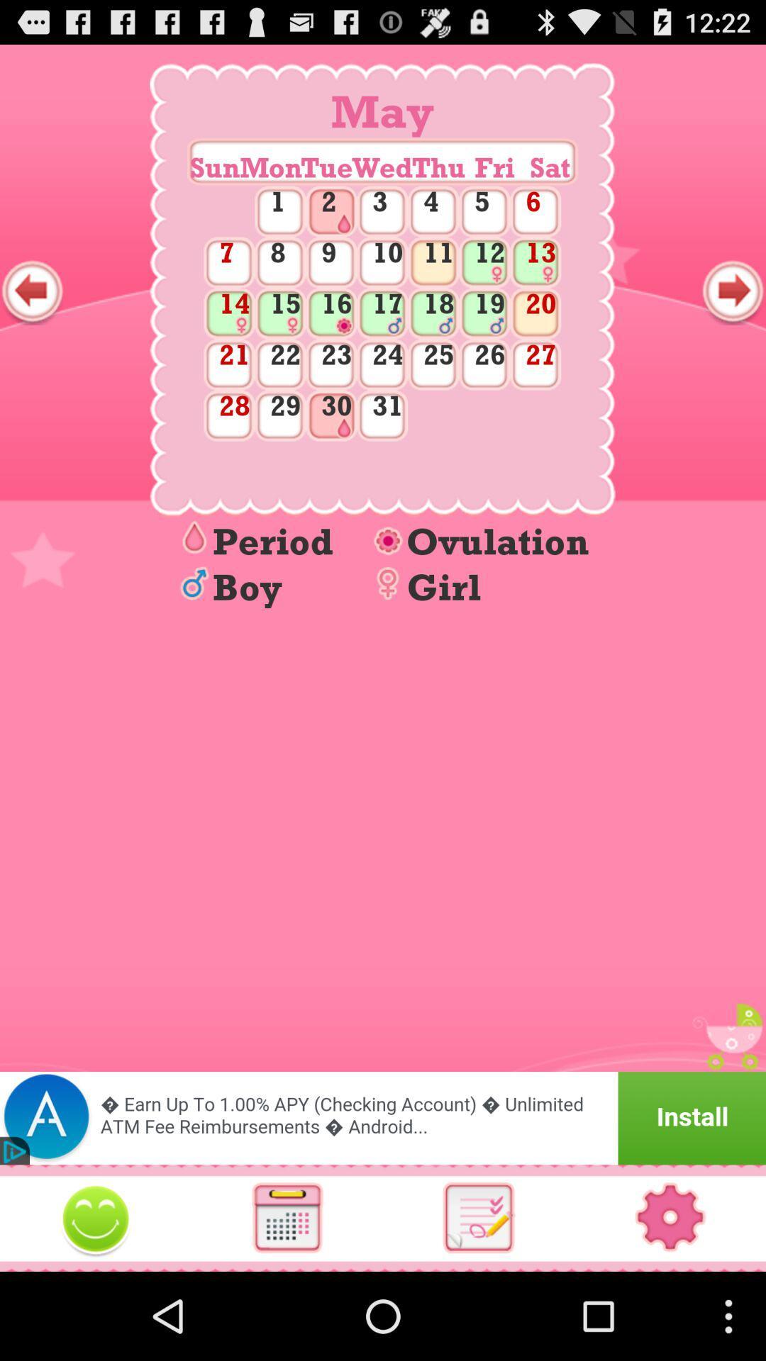 The image size is (766, 1361). Describe the element at coordinates (733, 291) in the screenshot. I see `next page` at that location.